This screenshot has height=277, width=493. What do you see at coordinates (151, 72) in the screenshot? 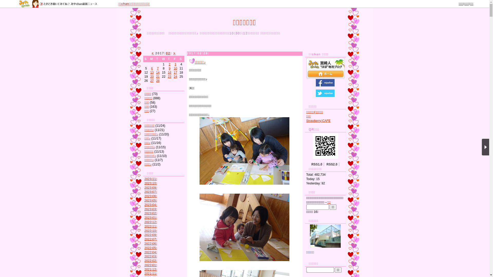
I see `'13'` at bounding box center [151, 72].